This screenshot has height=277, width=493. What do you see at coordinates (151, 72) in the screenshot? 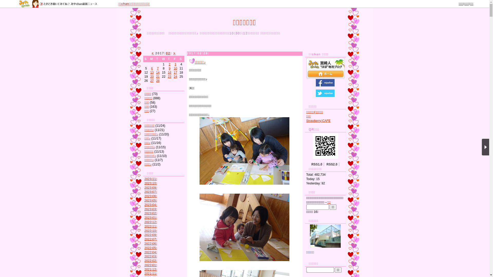
I see `'13'` at bounding box center [151, 72].